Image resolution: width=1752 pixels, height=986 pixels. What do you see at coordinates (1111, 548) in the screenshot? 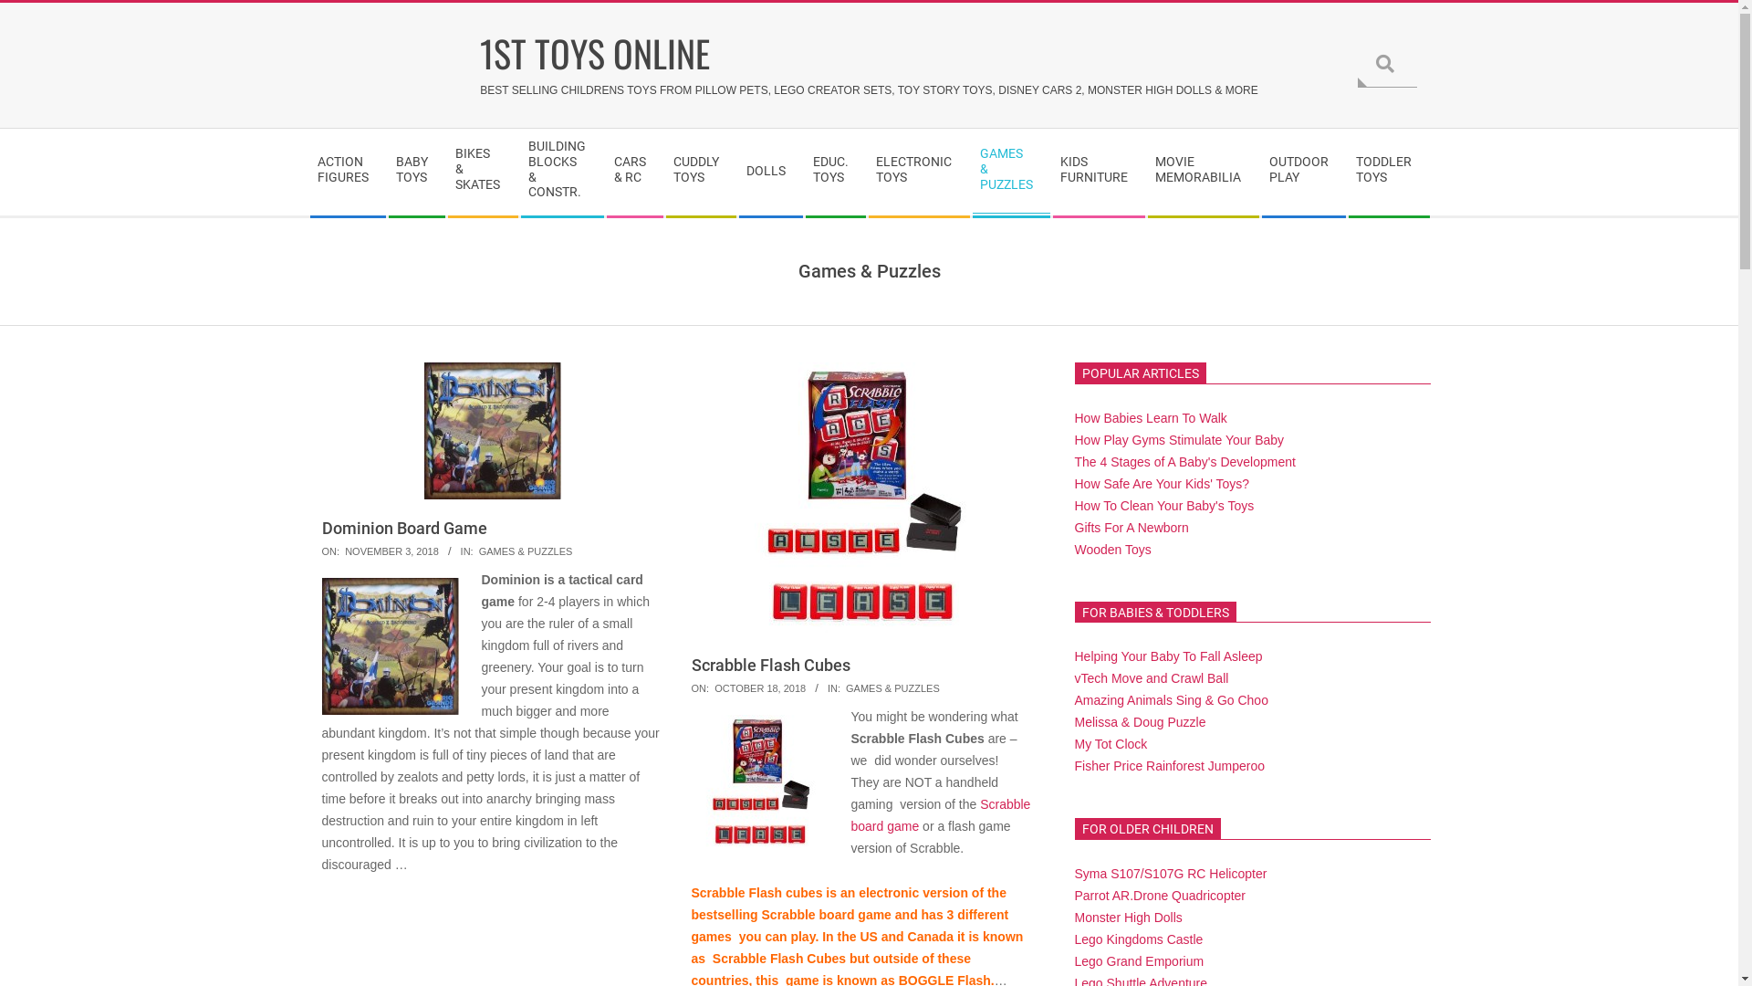
I see `'Wooden Toys'` at bounding box center [1111, 548].